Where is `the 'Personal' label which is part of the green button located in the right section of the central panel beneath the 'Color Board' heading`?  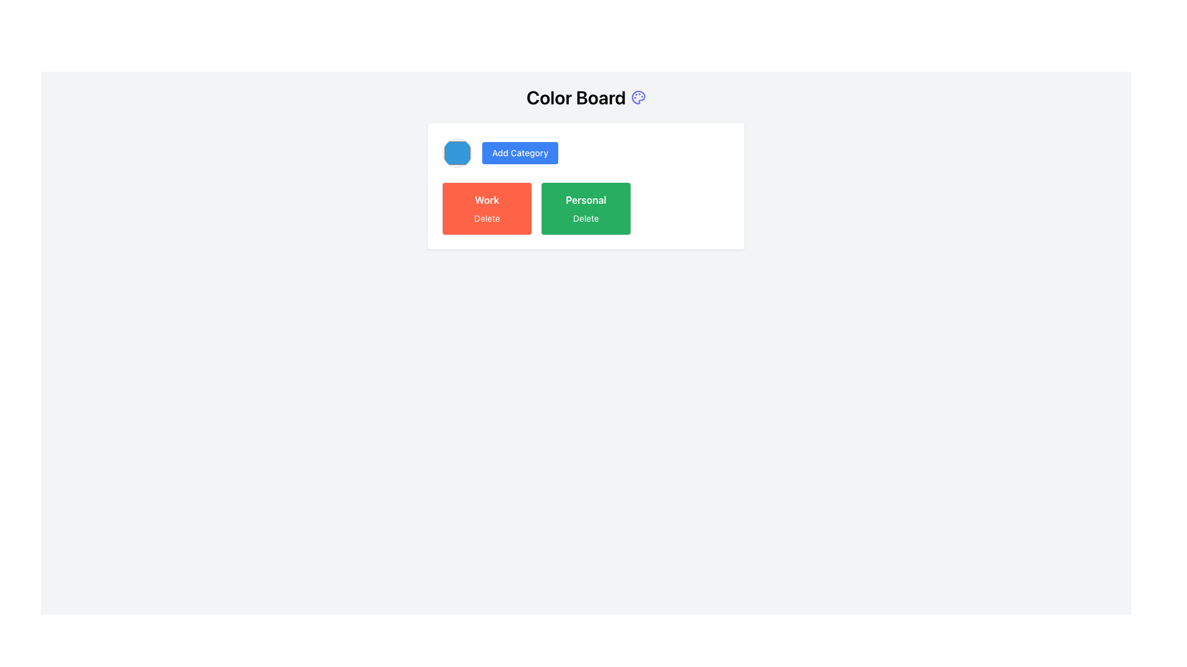 the 'Personal' label which is part of the green button located in the right section of the central panel beneath the 'Color Board' heading is located at coordinates (585, 199).